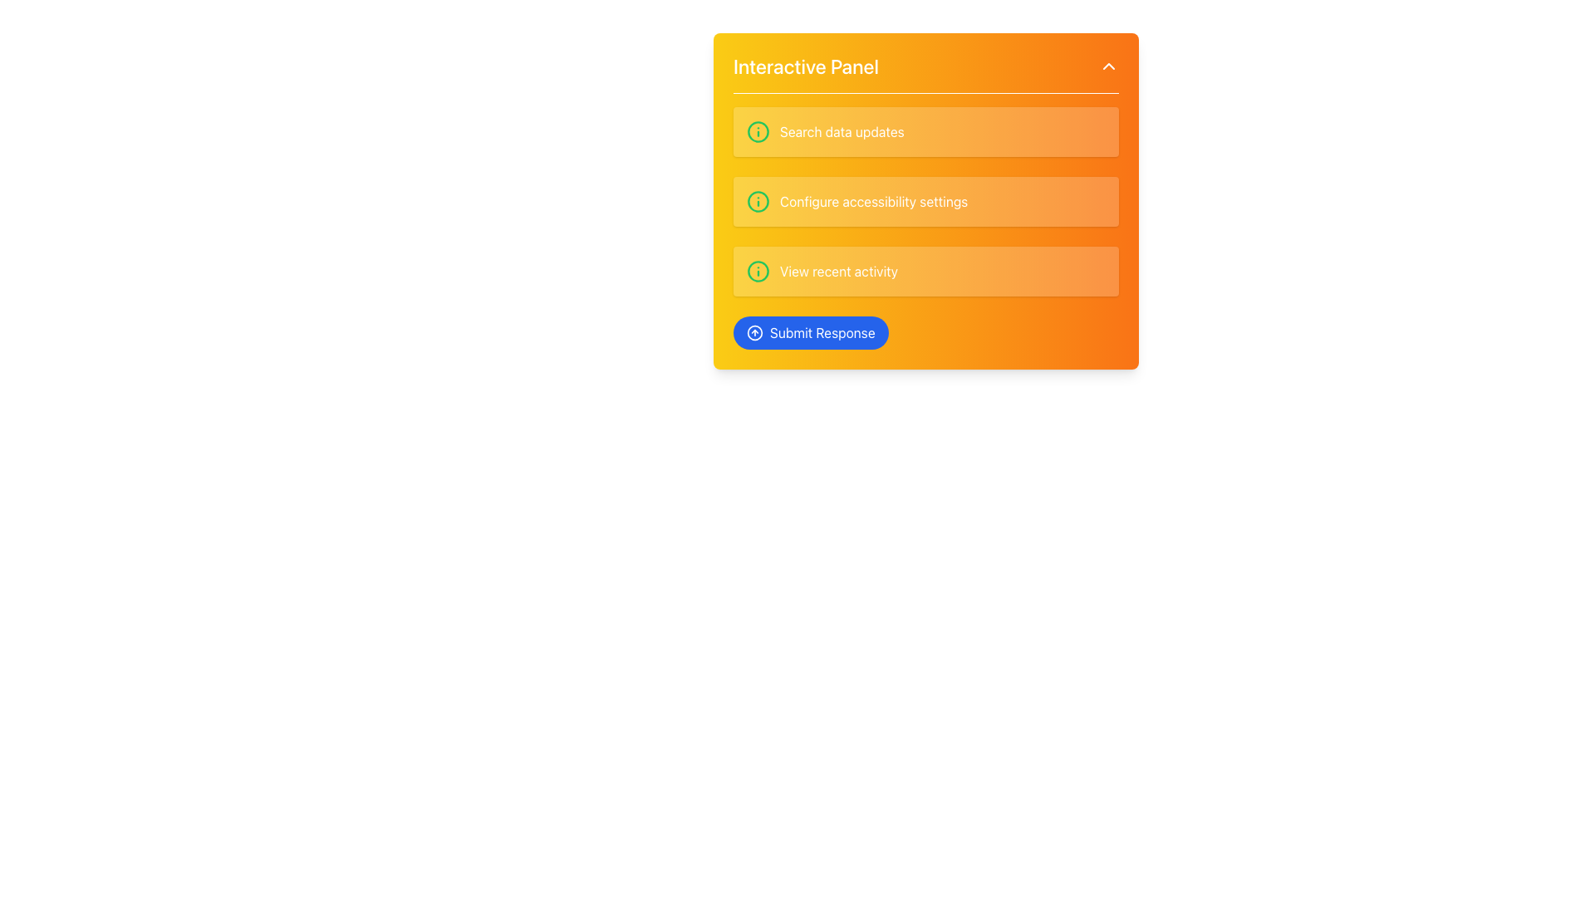 The height and width of the screenshot is (897, 1595). What do you see at coordinates (757, 130) in the screenshot?
I see `the circular icon with a green stroke, which is part of the SVG graphic for displaying information or status, located in the interactive panel next to the 'Configure accessibility settings' option` at bounding box center [757, 130].